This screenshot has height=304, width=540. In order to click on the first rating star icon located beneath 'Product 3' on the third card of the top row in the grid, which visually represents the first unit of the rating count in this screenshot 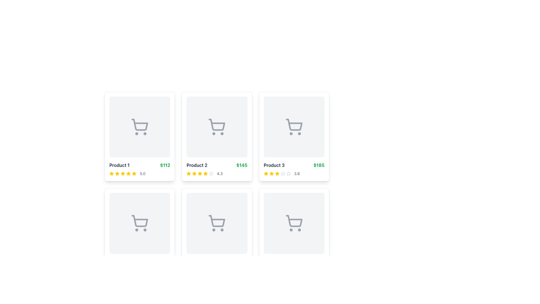, I will do `click(265, 173)`.